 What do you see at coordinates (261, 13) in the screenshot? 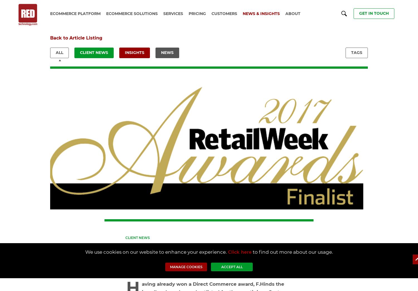
I see `'News & Insights'` at bounding box center [261, 13].